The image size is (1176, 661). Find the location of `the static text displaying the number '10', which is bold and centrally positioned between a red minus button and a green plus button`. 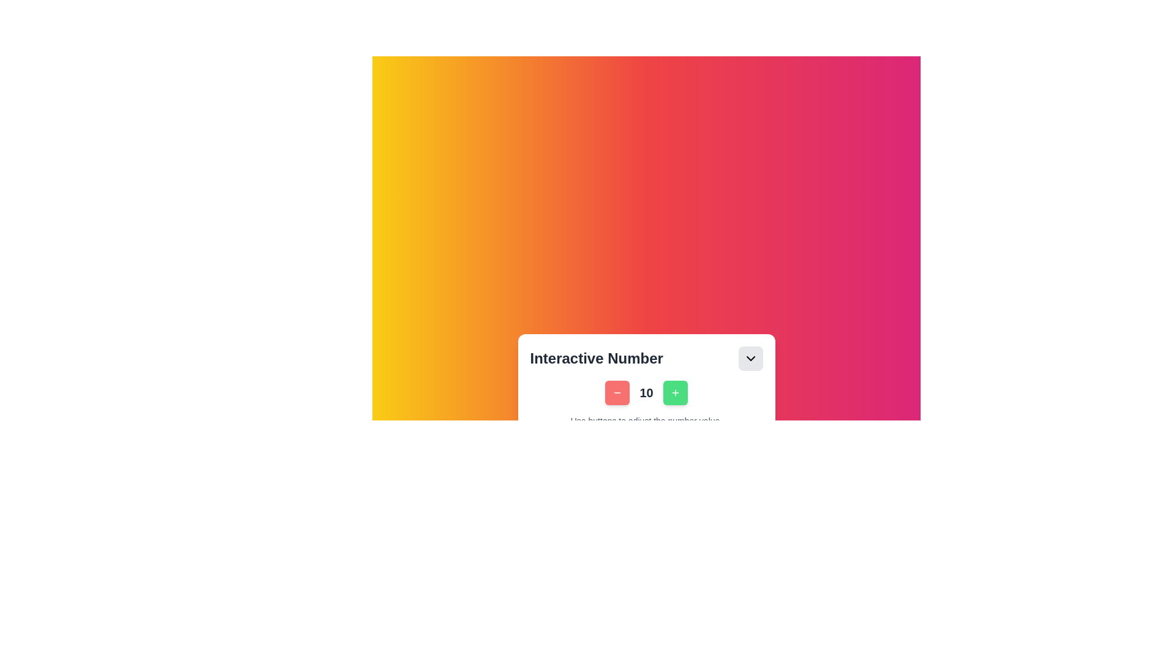

the static text displaying the number '10', which is bold and centrally positioned between a red minus button and a green plus button is located at coordinates (646, 392).